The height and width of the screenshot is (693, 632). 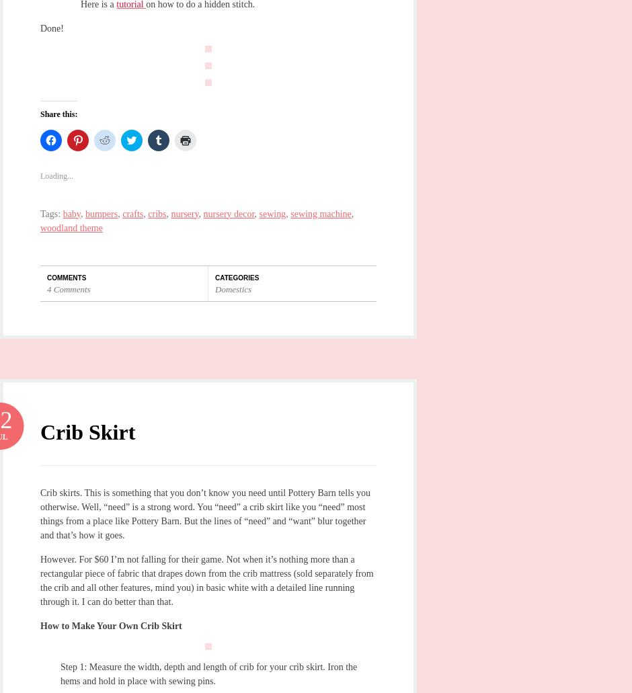 I want to click on 'Tags:', so click(x=50, y=212).